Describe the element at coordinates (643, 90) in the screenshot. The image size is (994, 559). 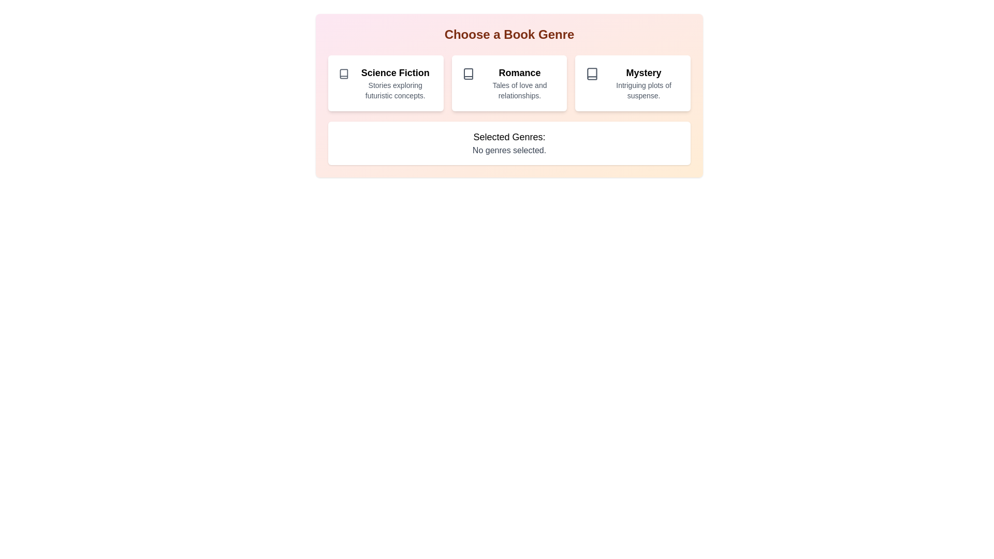
I see `the Text label that reads 'Intriguing plots of suspense.' styled in small gray font, located below the title 'Mystery' within a white rectangular card in the third column of three cards` at that location.